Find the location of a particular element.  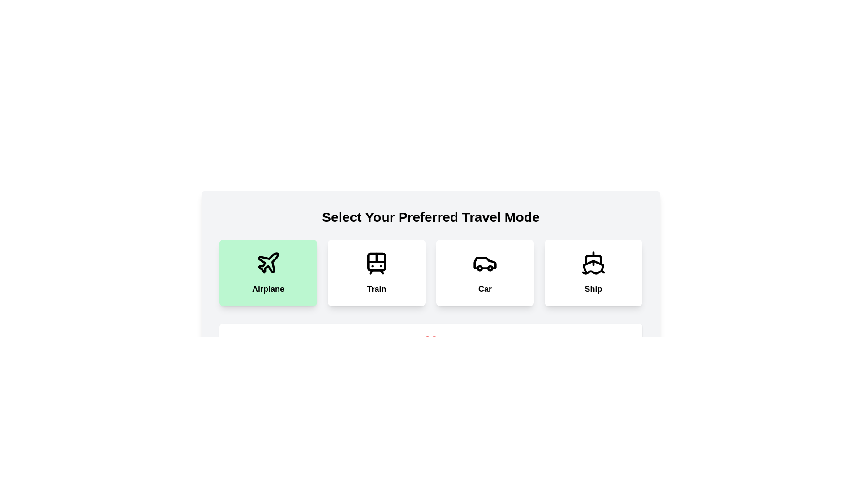

the 'Train' travel mode icon, which is the second icon in a horizontally aligned list of four icons under the title 'Select Your Preferred Travel Mode' is located at coordinates (376, 262).